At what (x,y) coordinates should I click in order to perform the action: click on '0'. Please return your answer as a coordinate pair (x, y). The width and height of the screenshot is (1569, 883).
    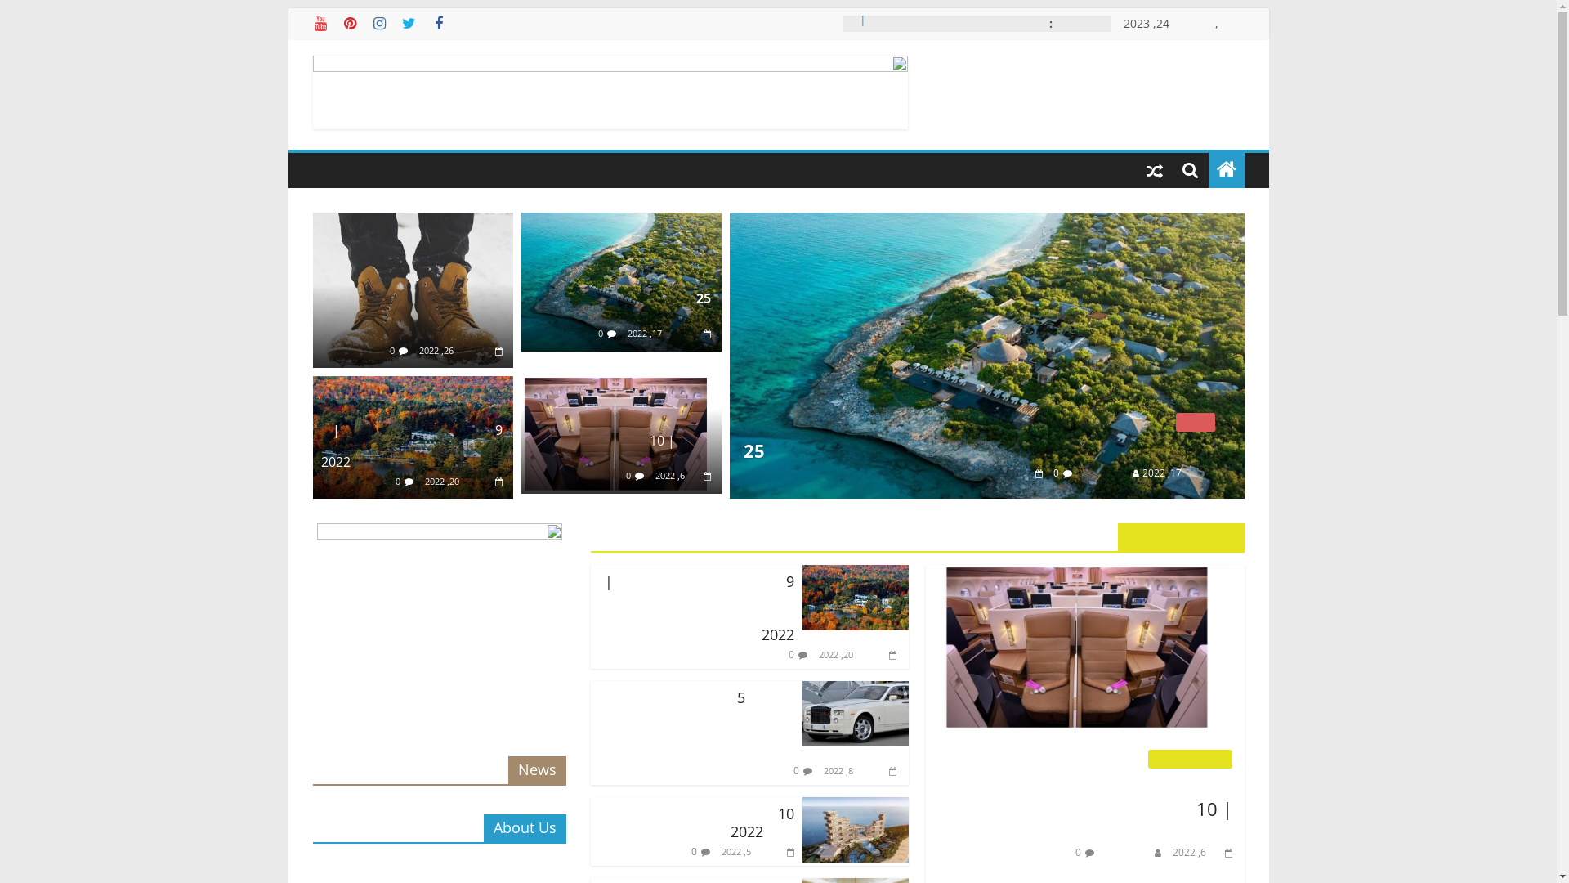
    Looking at the image, I should click on (397, 480).